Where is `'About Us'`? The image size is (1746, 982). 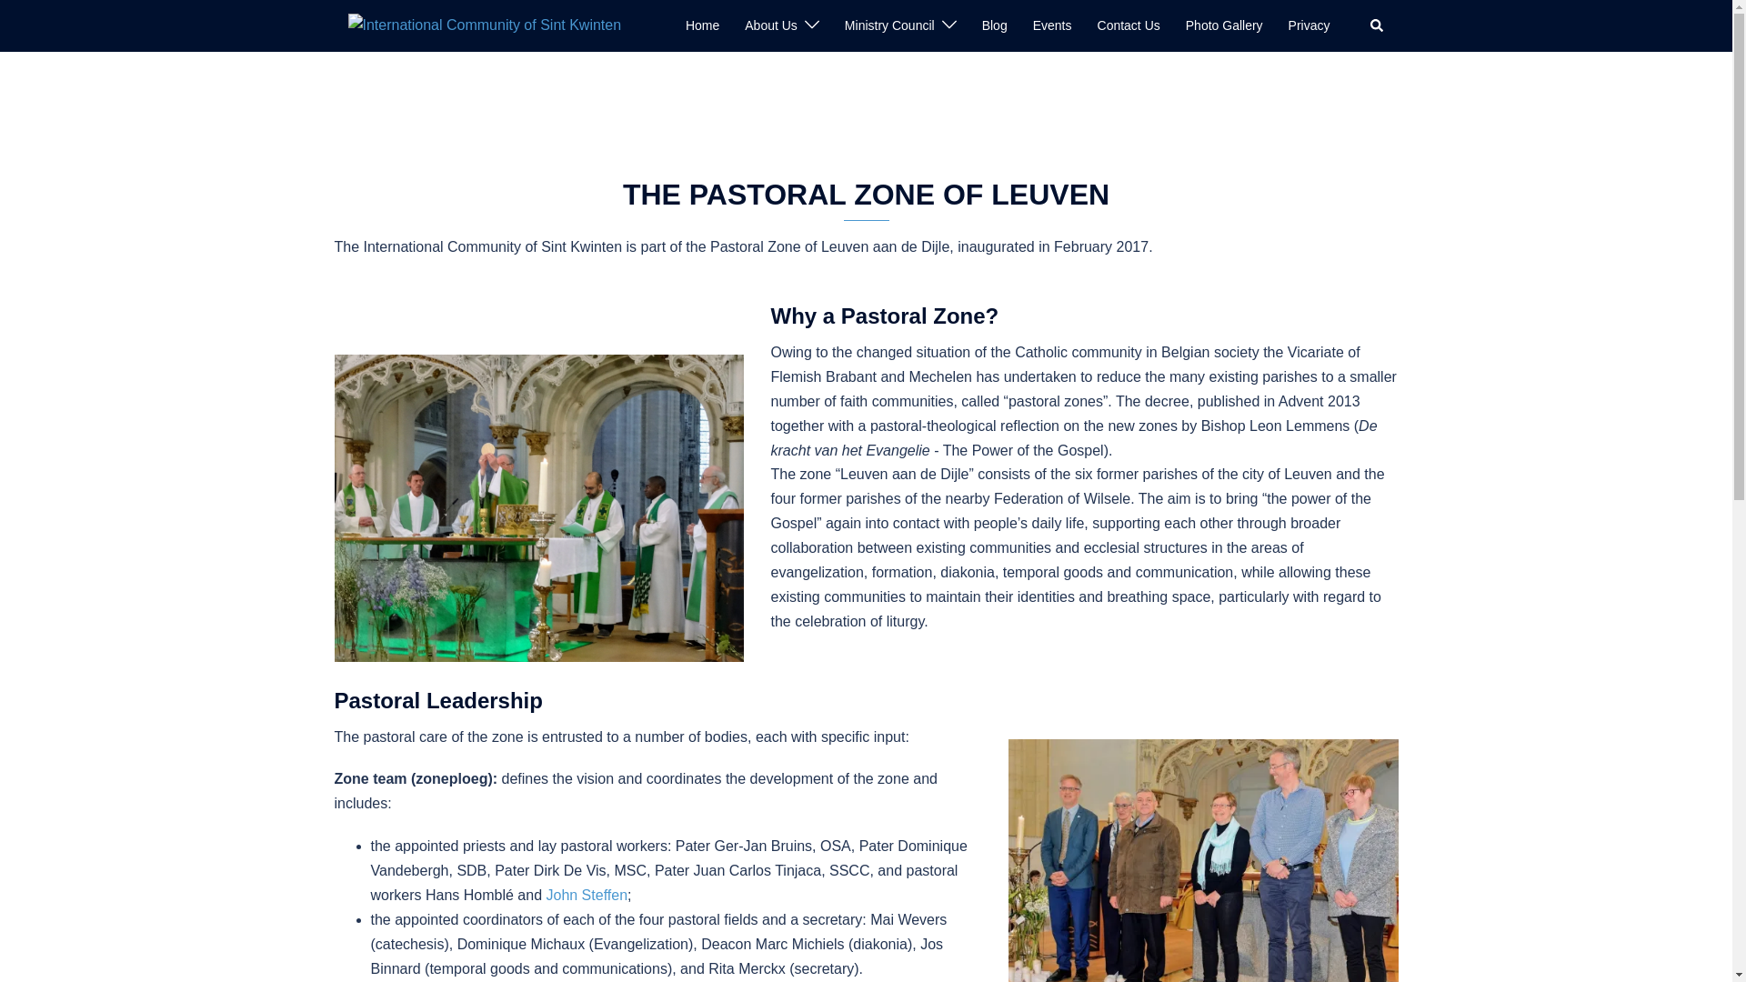
'About Us' is located at coordinates (745, 26).